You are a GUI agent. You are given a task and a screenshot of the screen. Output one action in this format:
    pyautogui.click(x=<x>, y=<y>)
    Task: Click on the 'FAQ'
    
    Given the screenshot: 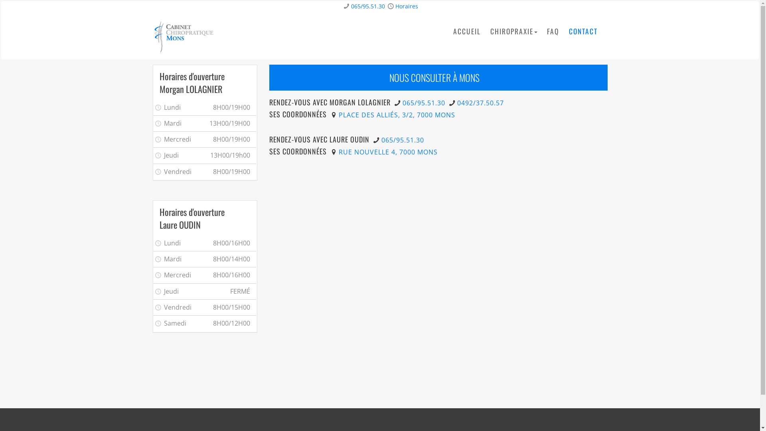 What is the action you would take?
    pyautogui.click(x=552, y=31)
    